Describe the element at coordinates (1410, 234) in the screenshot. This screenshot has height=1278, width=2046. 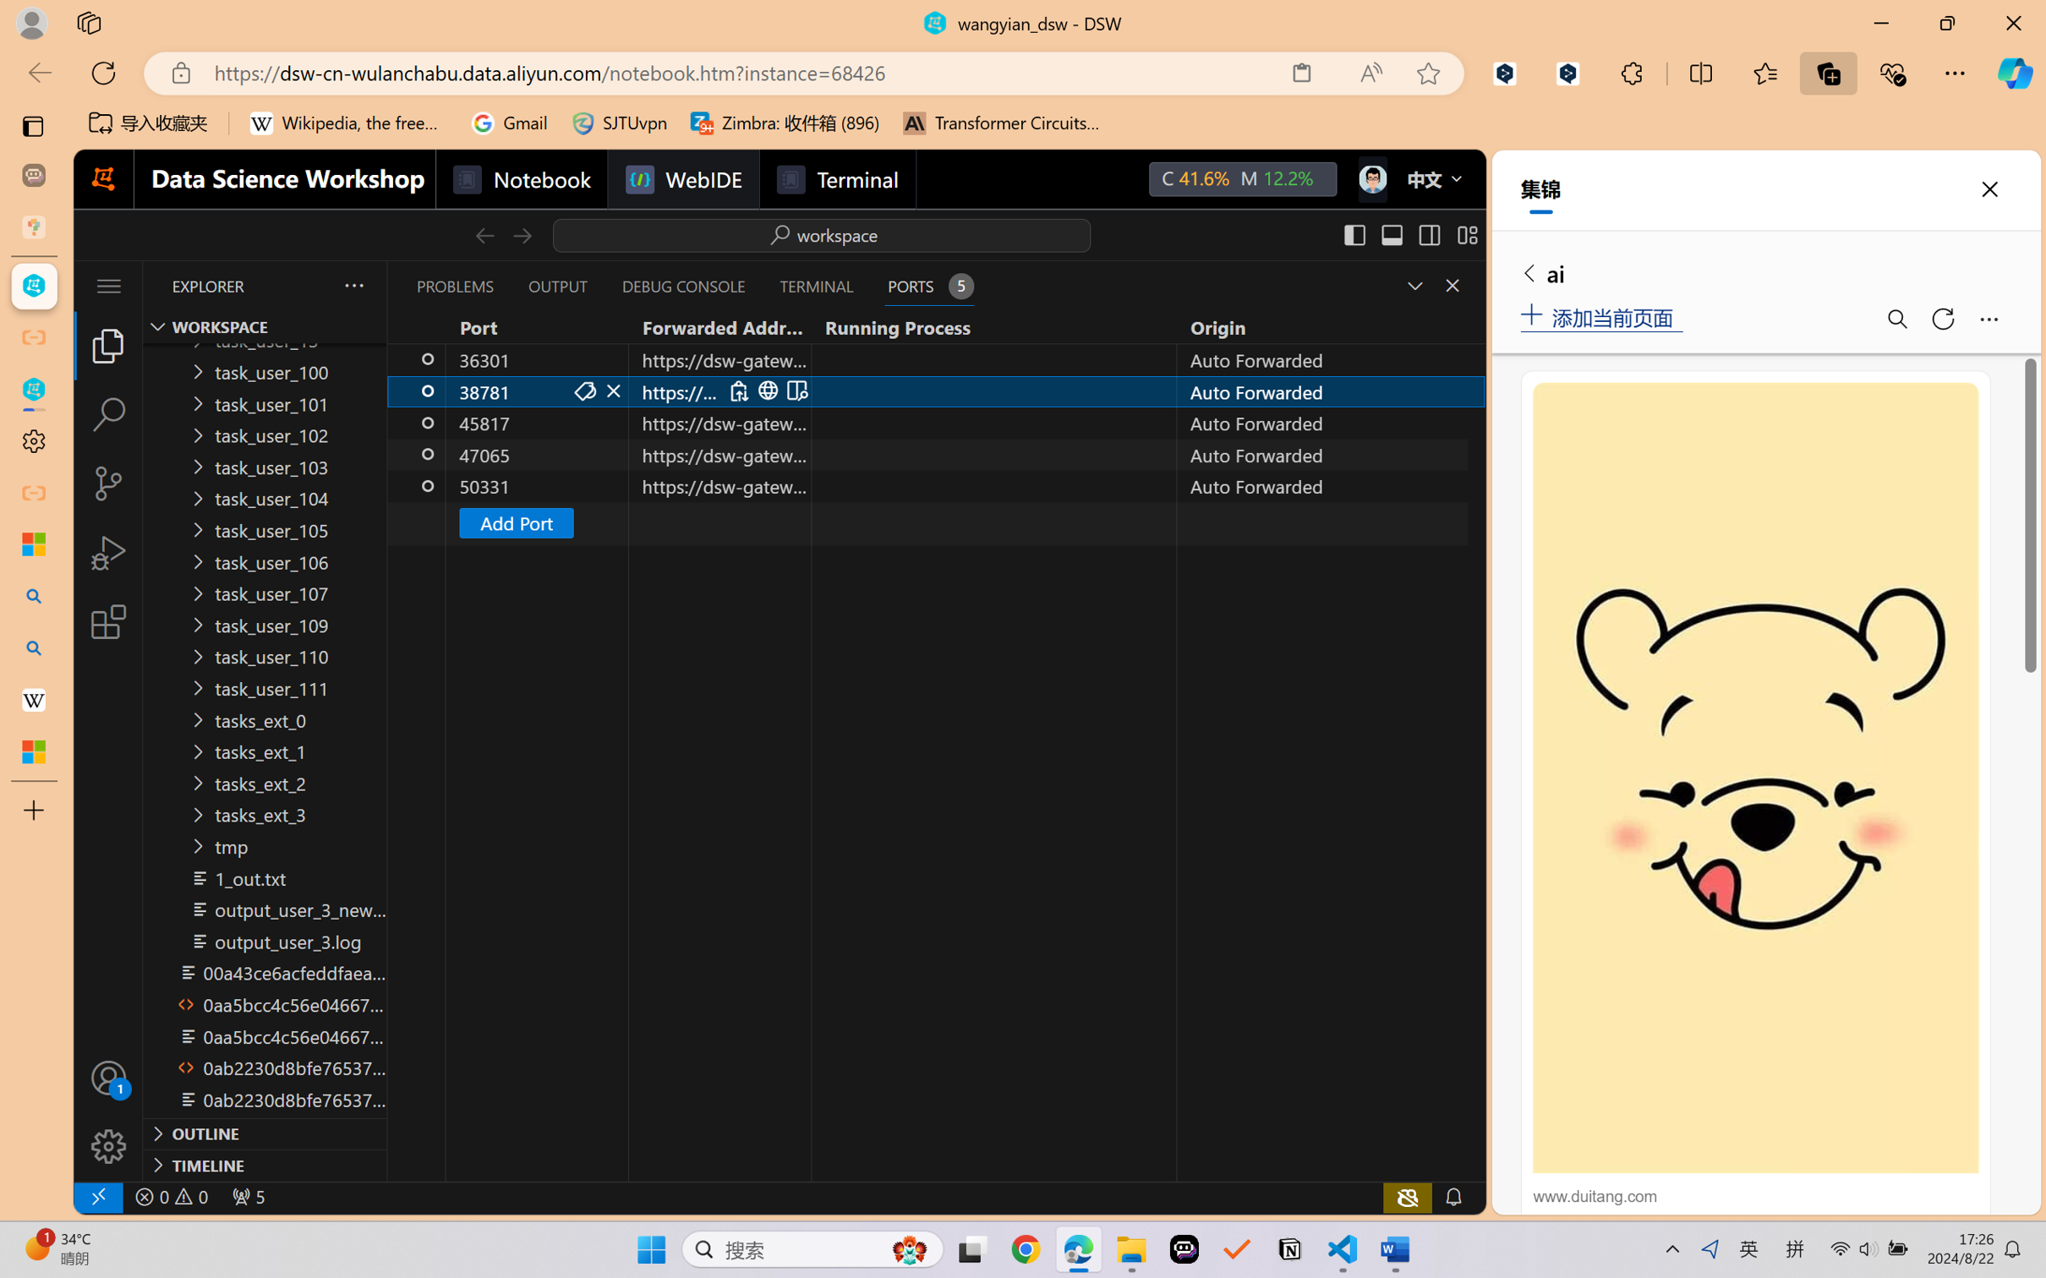
I see `'Title actions'` at that location.